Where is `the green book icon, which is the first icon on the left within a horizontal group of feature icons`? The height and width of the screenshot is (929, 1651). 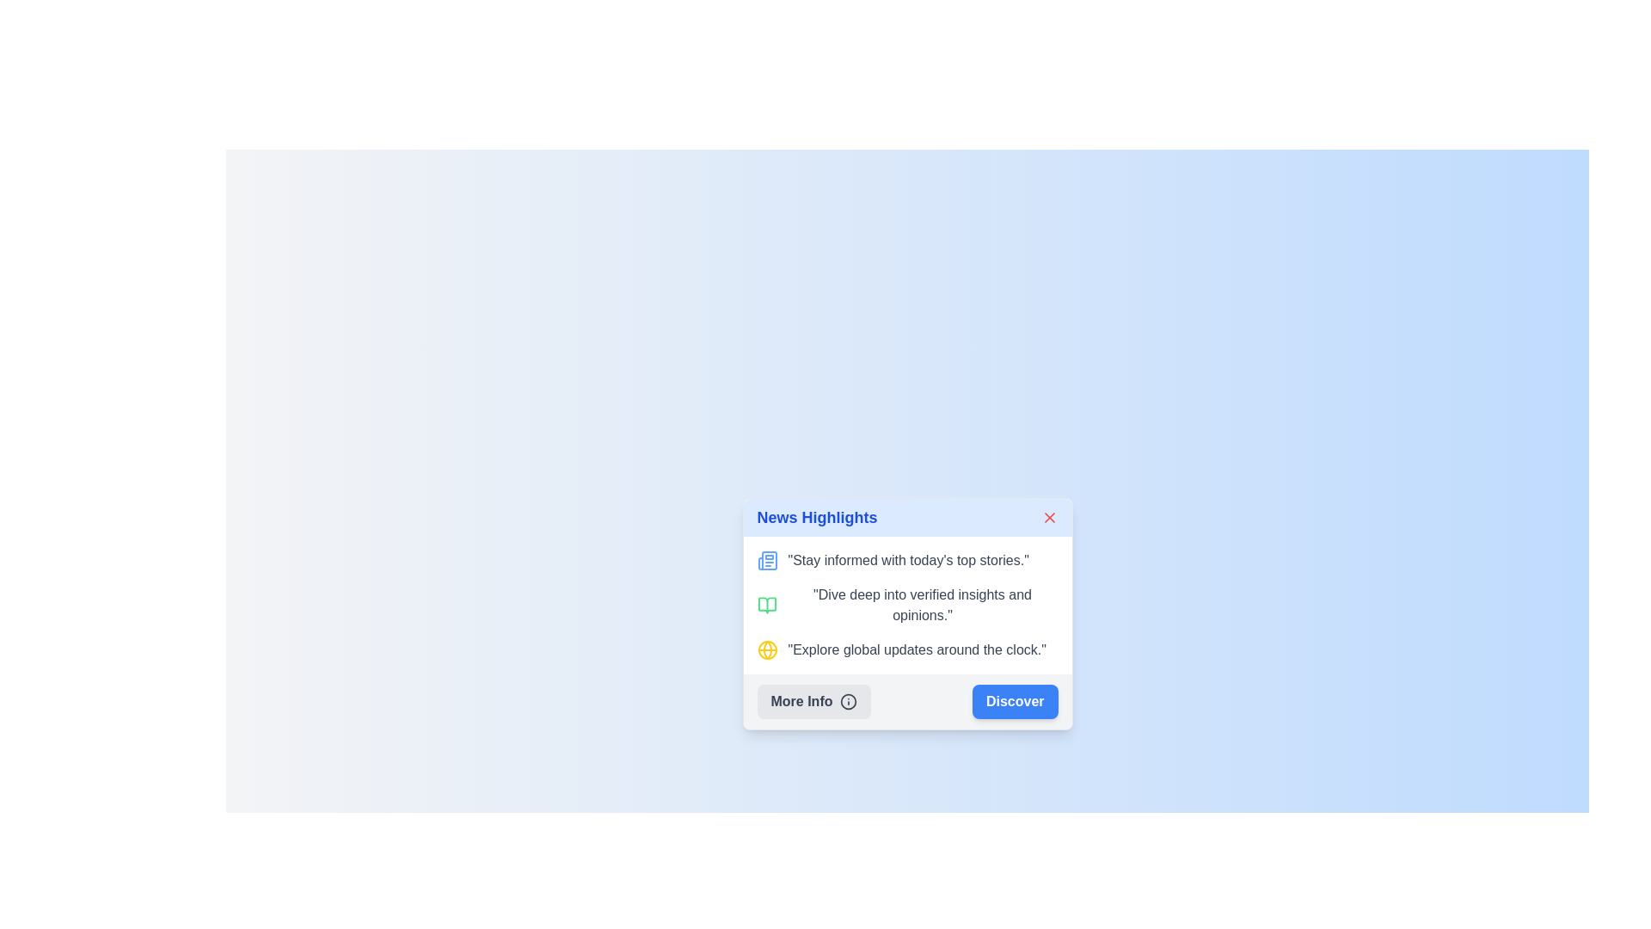 the green book icon, which is the first icon on the left within a horizontal group of feature icons is located at coordinates (766, 605).